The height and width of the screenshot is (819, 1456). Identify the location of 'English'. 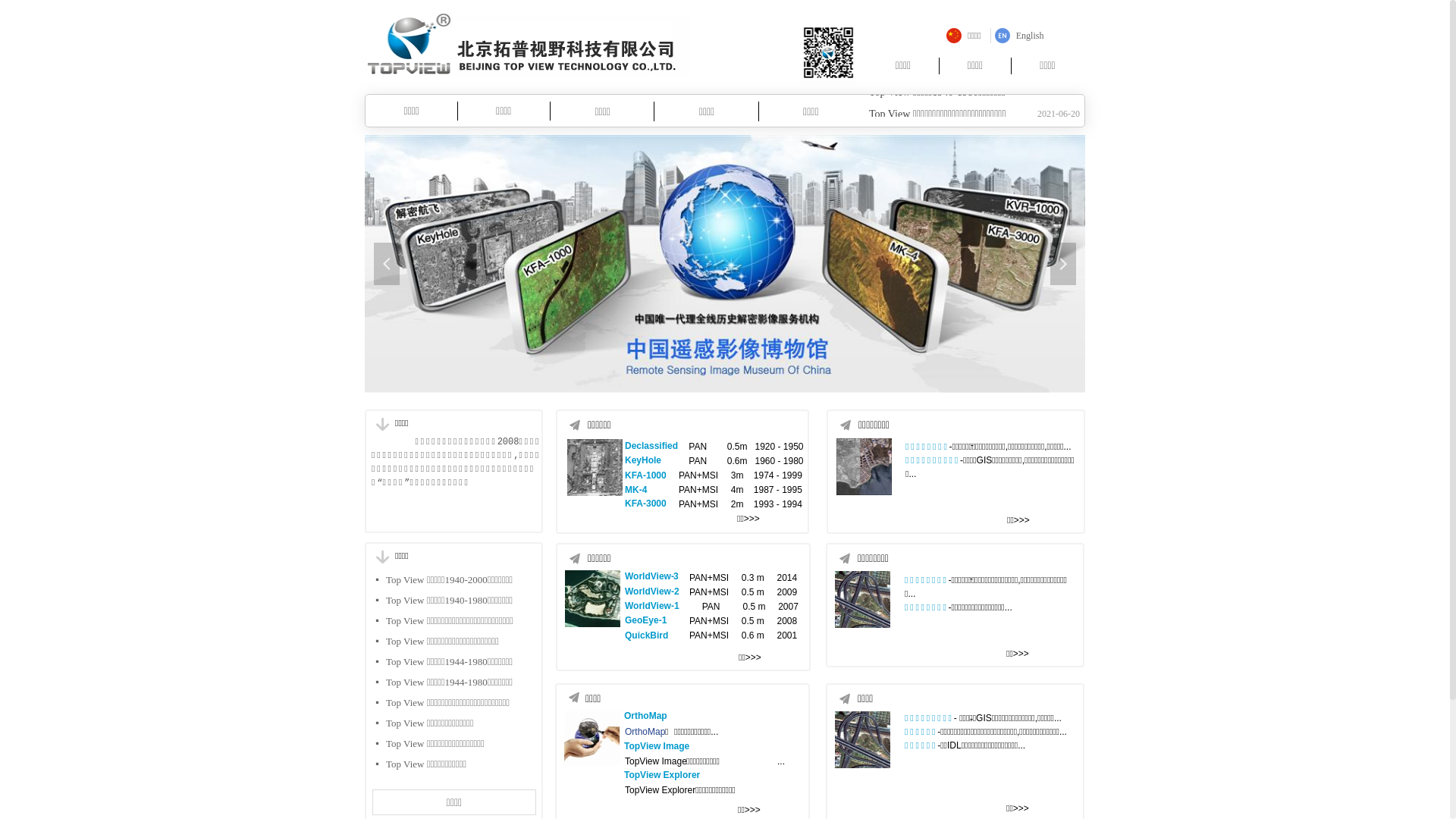
(1019, 34).